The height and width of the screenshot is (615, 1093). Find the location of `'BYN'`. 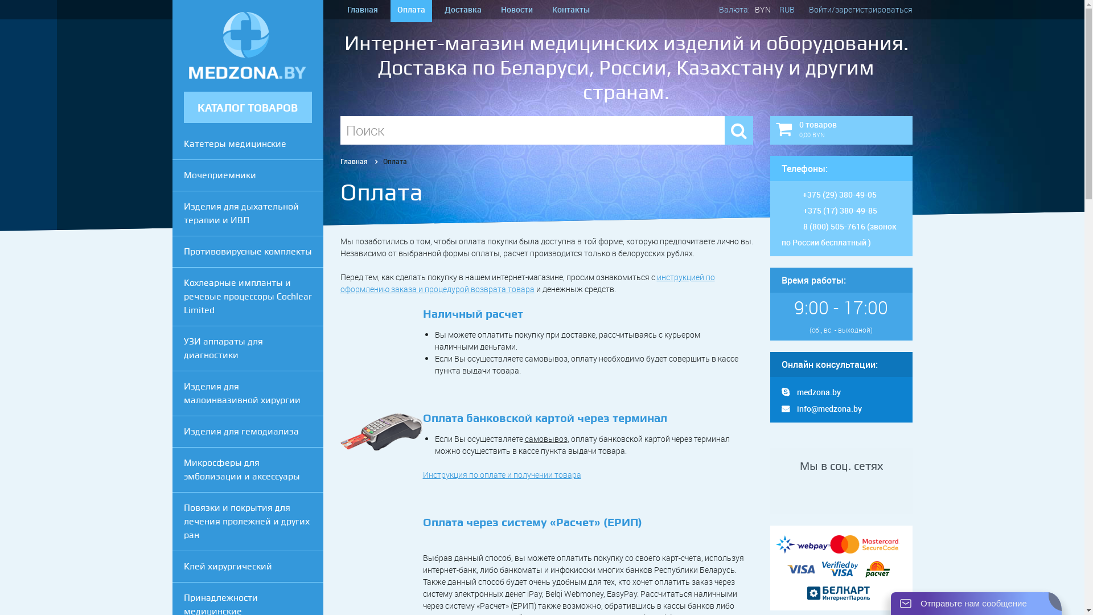

'BYN' is located at coordinates (762, 9).